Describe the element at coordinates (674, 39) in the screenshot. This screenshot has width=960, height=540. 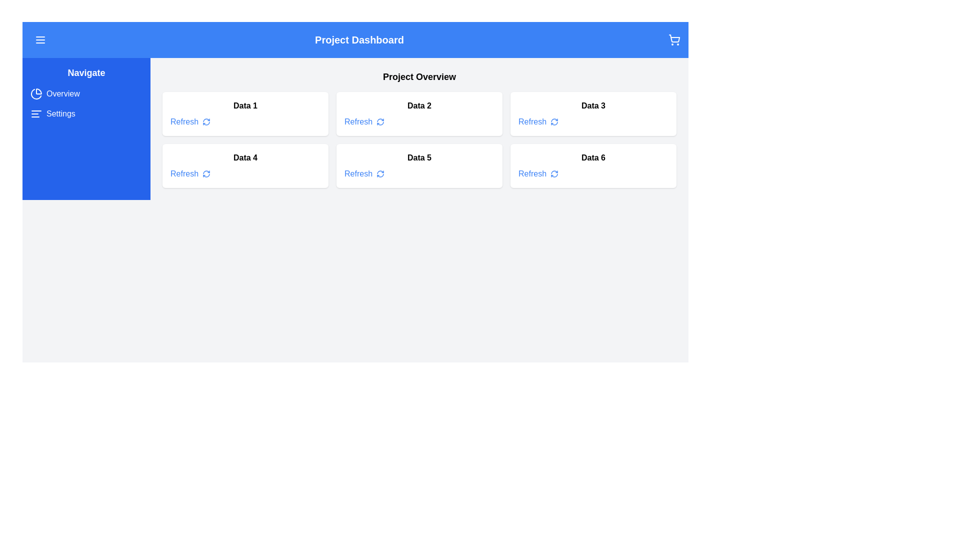
I see `the shopping cart icon located in the top-right corner of the blue toolbar header` at that location.